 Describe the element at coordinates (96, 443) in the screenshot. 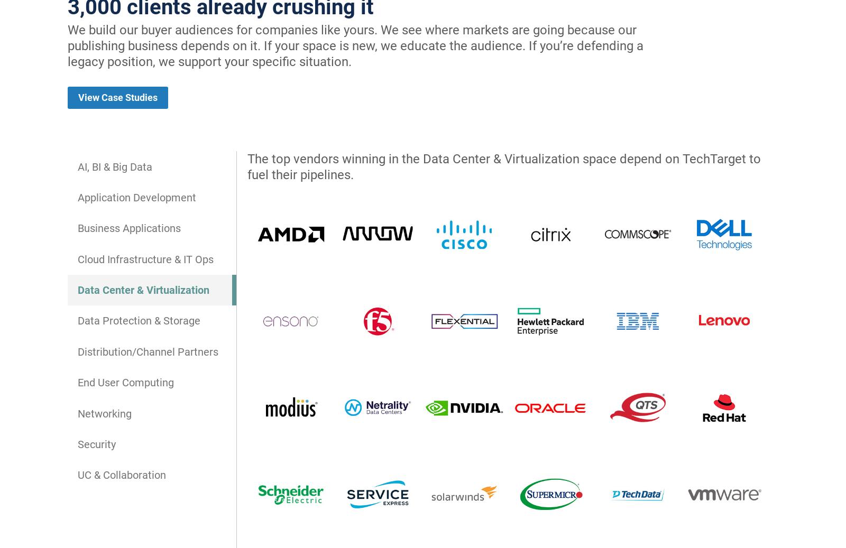

I see `'Security'` at that location.